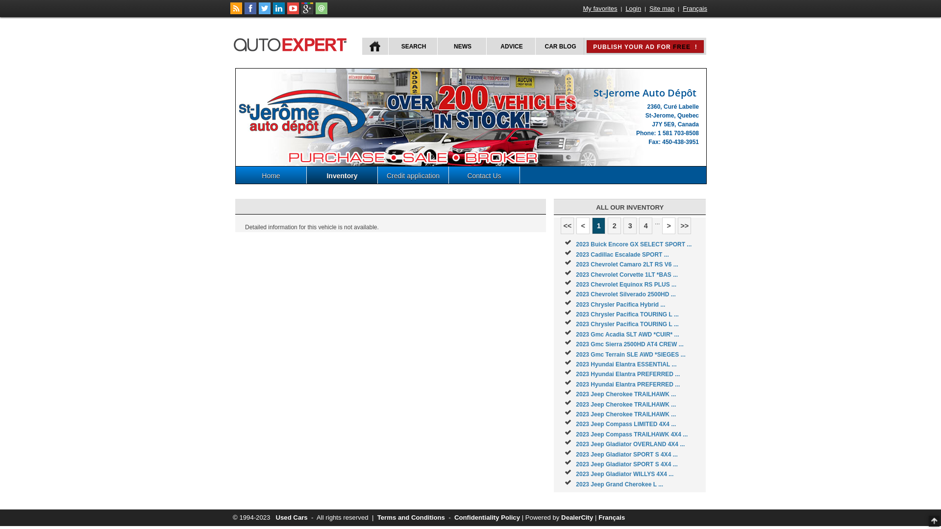  I want to click on '2023 Chrysler Pacifica TOURING L ...', so click(627, 324).